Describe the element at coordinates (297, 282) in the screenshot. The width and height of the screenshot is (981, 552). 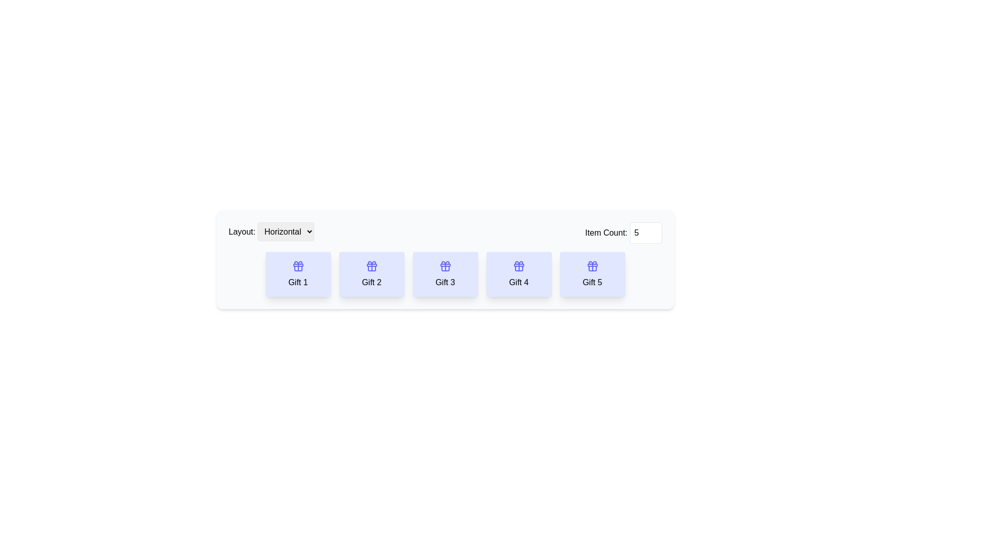
I see `the text label that identifies the item as 'Gift 1' located at the bottom of the first gift card in the horizontal list` at that location.